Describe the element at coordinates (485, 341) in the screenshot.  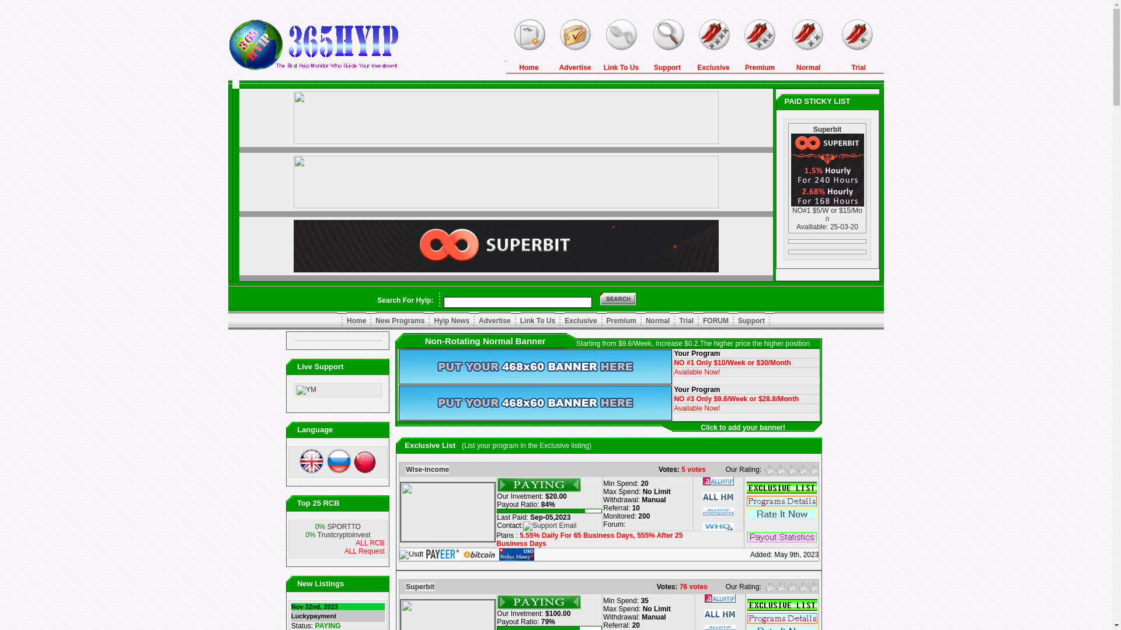
I see `'Non-Rotating Normal Banner'` at that location.